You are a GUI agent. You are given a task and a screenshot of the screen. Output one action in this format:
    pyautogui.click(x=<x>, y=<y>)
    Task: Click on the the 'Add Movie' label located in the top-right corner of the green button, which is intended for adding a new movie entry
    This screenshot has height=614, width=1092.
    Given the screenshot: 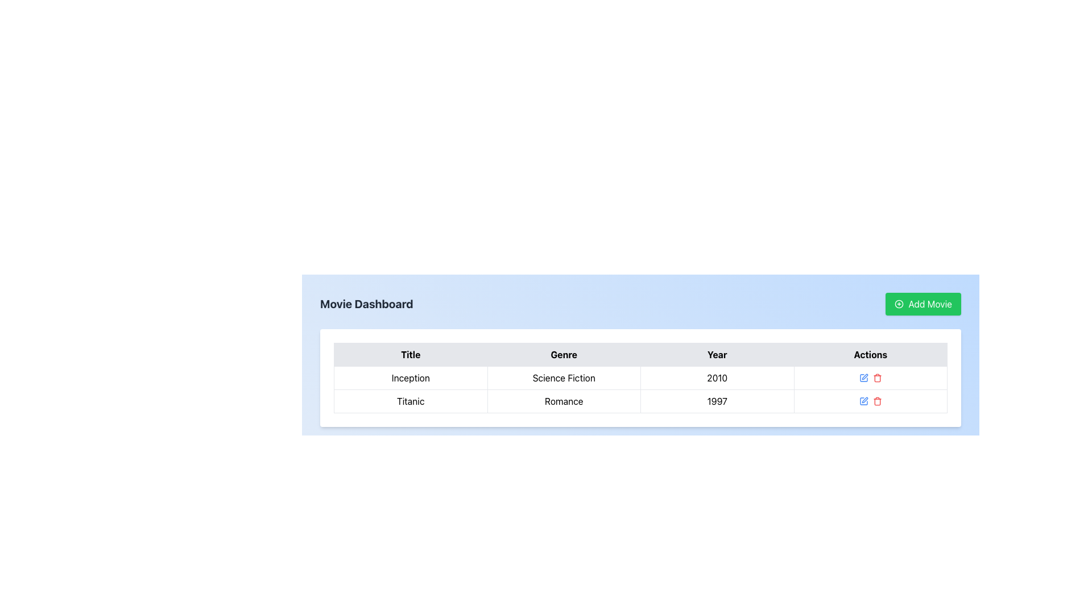 What is the action you would take?
    pyautogui.click(x=930, y=304)
    